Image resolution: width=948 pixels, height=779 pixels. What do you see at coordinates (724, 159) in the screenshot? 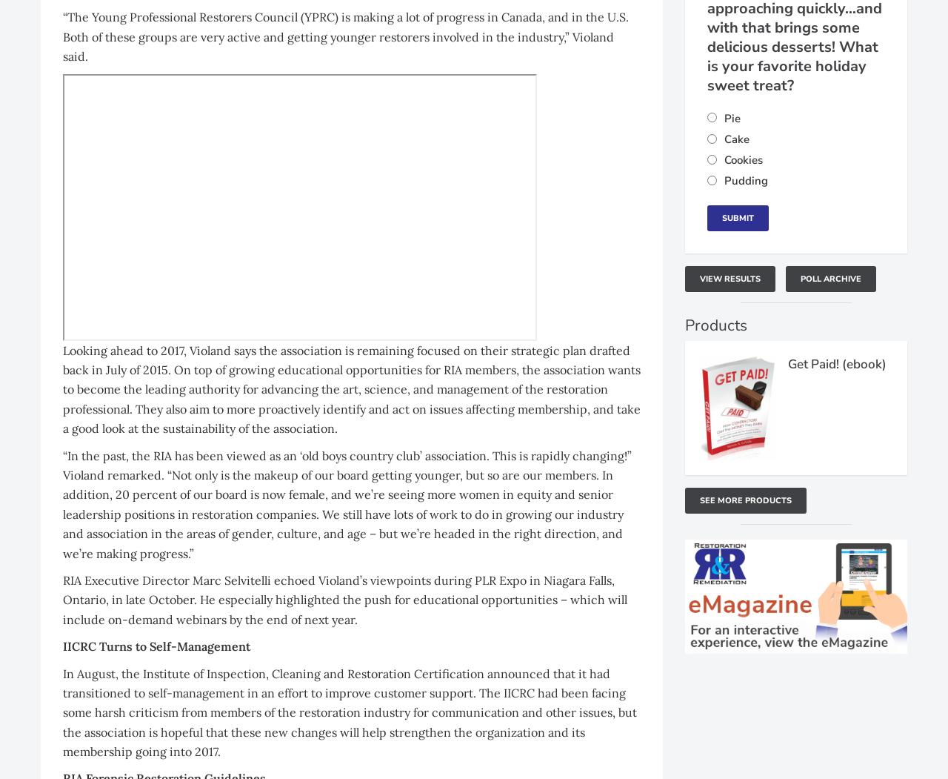
I see `'Cookies'` at bounding box center [724, 159].